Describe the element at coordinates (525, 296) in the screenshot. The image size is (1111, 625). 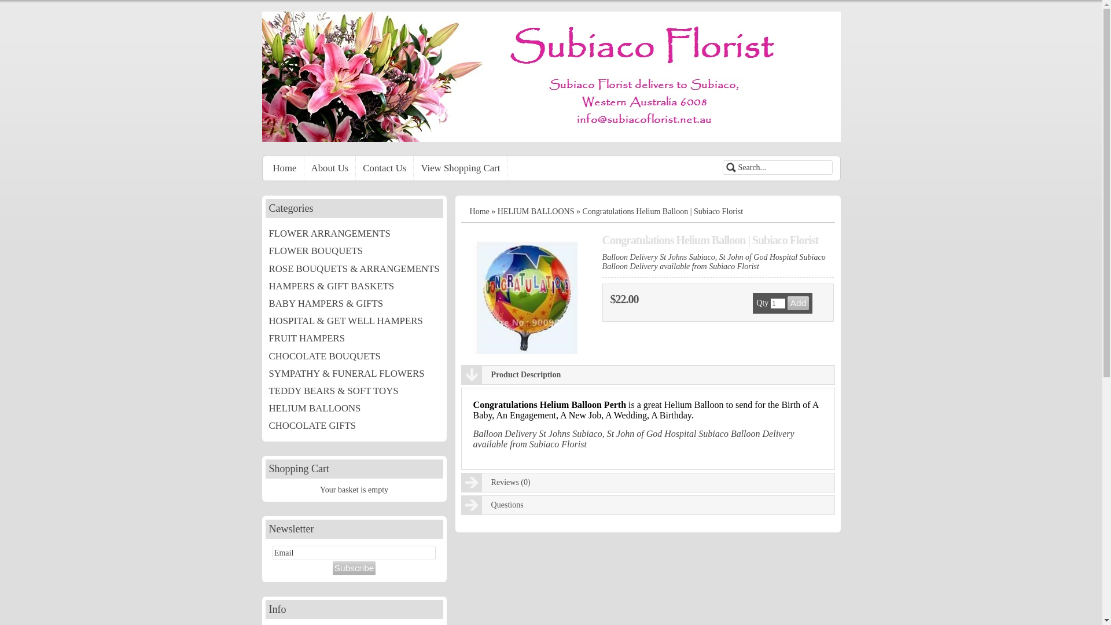
I see `'Congratulations Helium Balloon | Subiaco Florist'` at that location.